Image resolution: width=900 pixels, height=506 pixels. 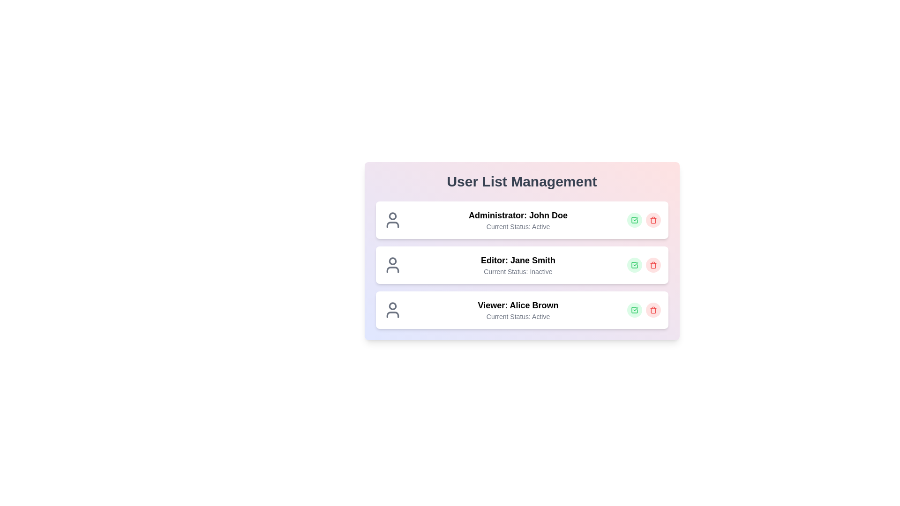 What do you see at coordinates (652, 220) in the screenshot?
I see `the red circular button with a trash bin icon` at bounding box center [652, 220].